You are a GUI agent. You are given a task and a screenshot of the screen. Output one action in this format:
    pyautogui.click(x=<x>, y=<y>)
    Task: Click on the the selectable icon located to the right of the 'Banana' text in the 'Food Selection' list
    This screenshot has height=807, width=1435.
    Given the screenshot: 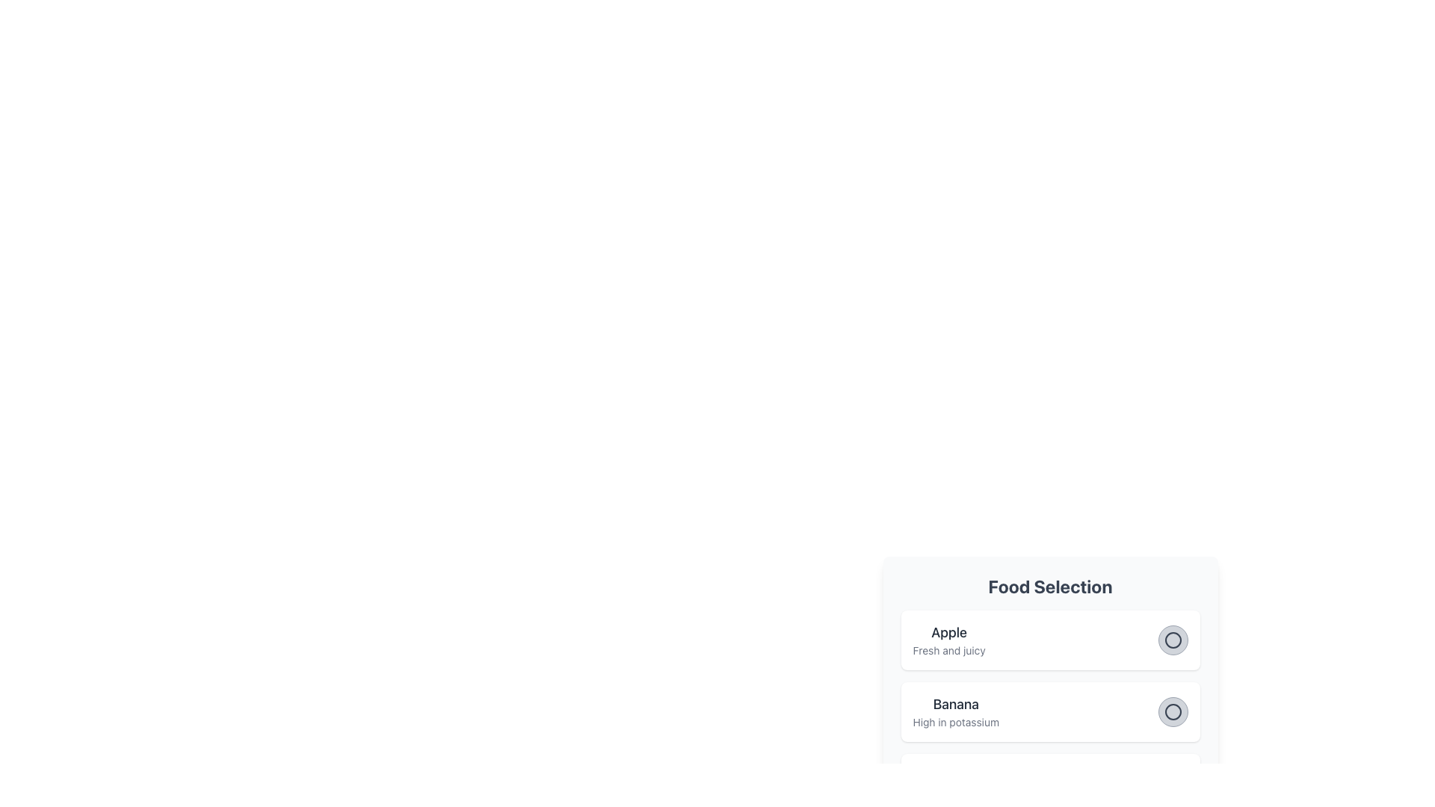 What is the action you would take?
    pyautogui.click(x=1172, y=711)
    